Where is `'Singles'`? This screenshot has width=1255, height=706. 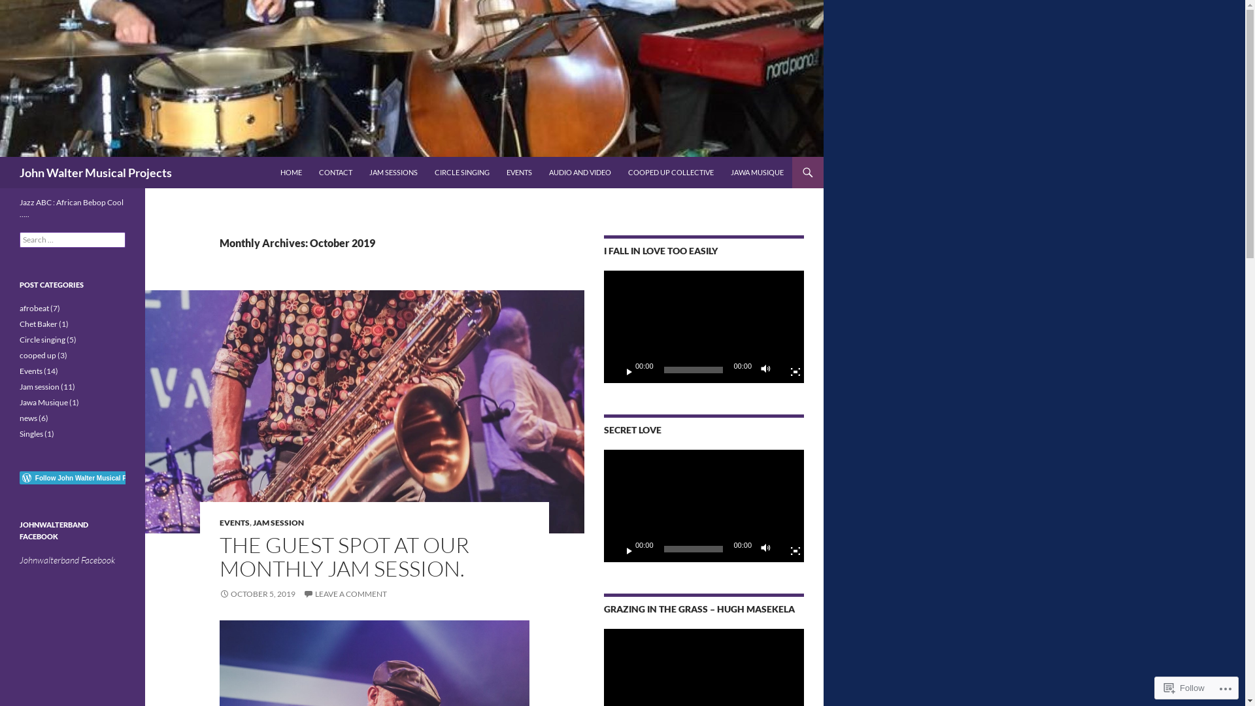
'Singles' is located at coordinates (31, 433).